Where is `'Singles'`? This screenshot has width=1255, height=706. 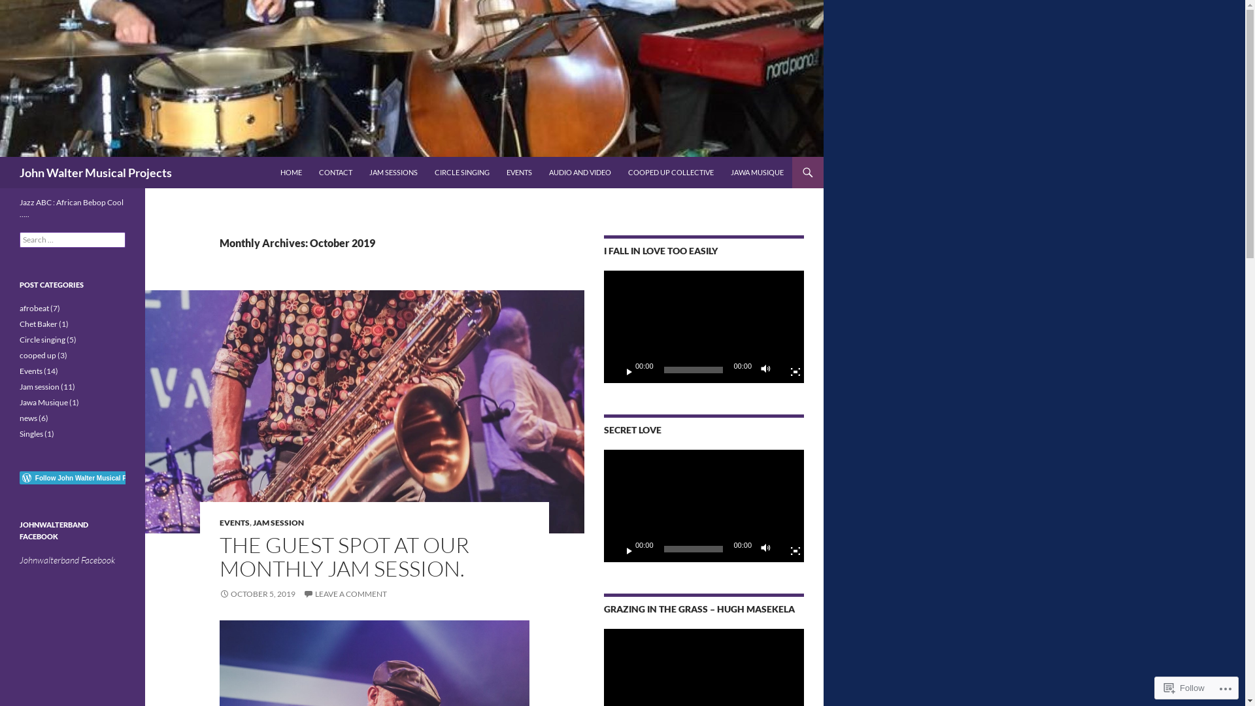
'Singles' is located at coordinates (31, 433).